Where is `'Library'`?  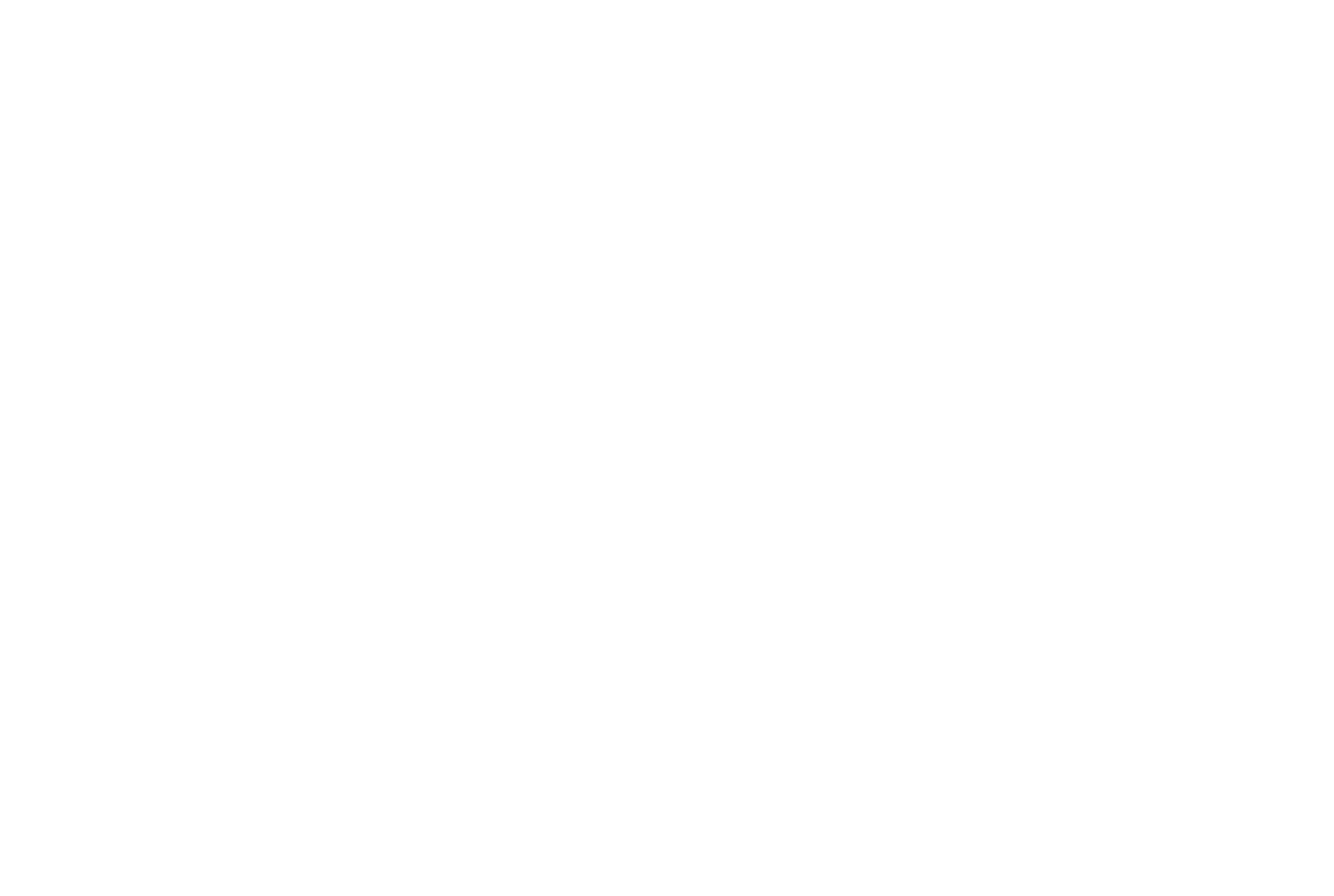
'Library' is located at coordinates (323, 148).